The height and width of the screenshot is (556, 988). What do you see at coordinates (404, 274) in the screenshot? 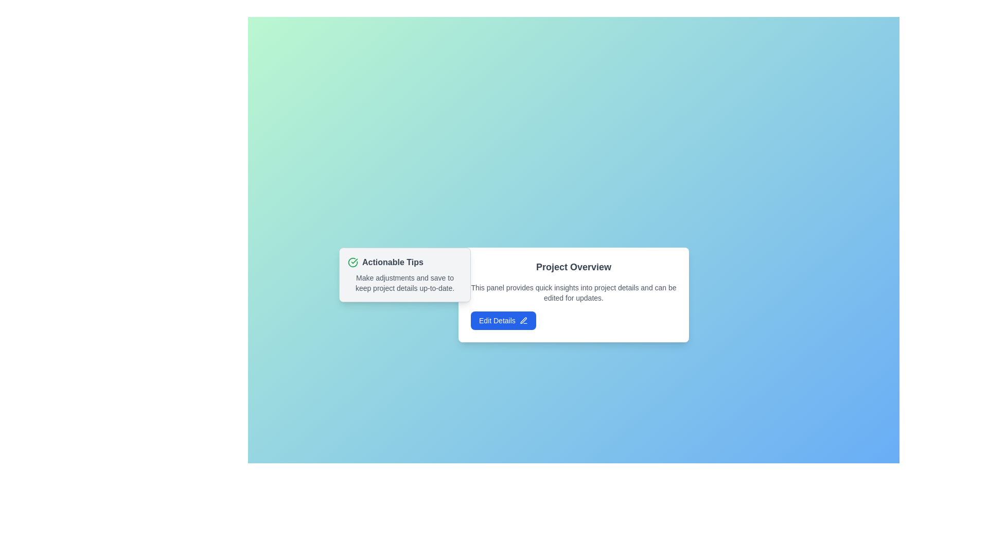
I see `contents of the light gray notification panel that contains a green circular icon with a checkmark and the text 'Actionable Tips'` at bounding box center [404, 274].